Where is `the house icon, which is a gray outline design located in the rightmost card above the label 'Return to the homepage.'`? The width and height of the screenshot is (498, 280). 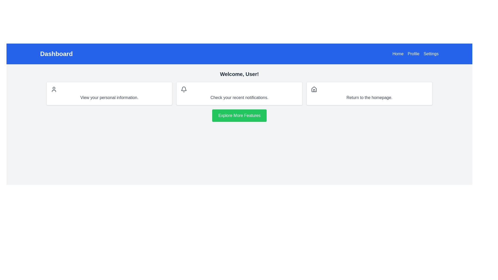
the house icon, which is a gray outline design located in the rightmost card above the label 'Return to the homepage.' is located at coordinates (314, 89).